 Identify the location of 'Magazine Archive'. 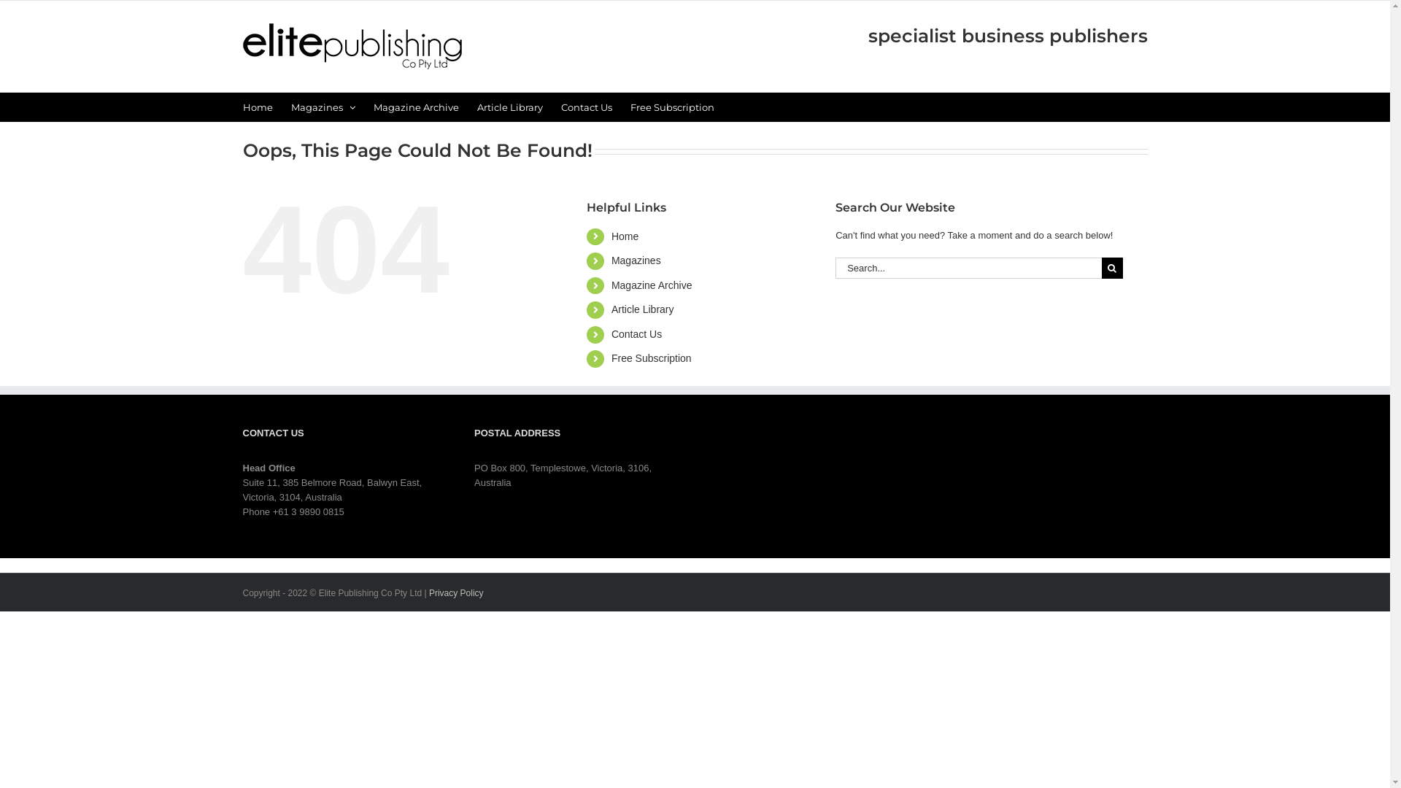
(415, 106).